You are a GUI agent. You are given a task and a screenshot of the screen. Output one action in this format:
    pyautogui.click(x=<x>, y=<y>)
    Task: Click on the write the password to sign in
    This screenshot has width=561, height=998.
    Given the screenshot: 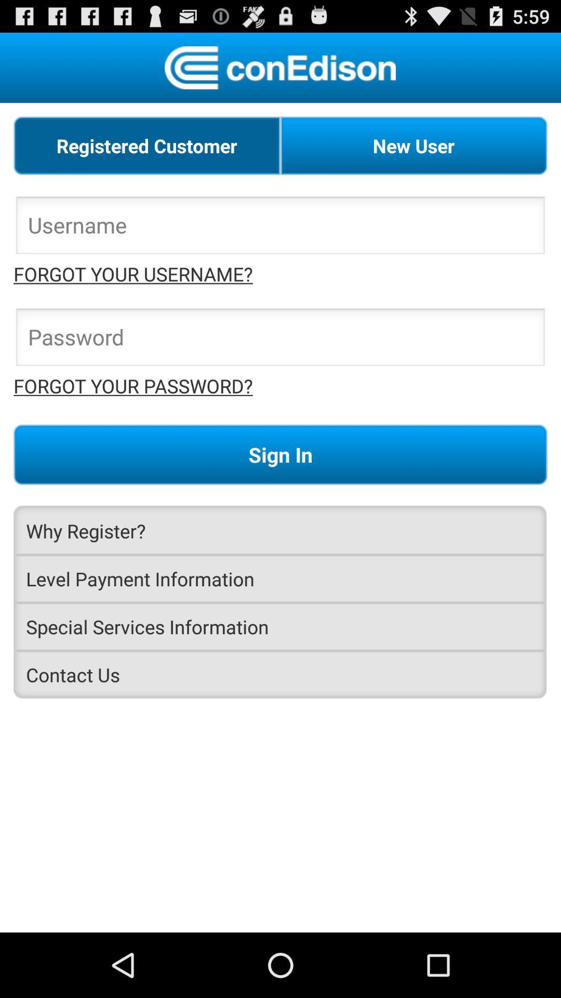 What is the action you would take?
    pyautogui.click(x=280, y=340)
    